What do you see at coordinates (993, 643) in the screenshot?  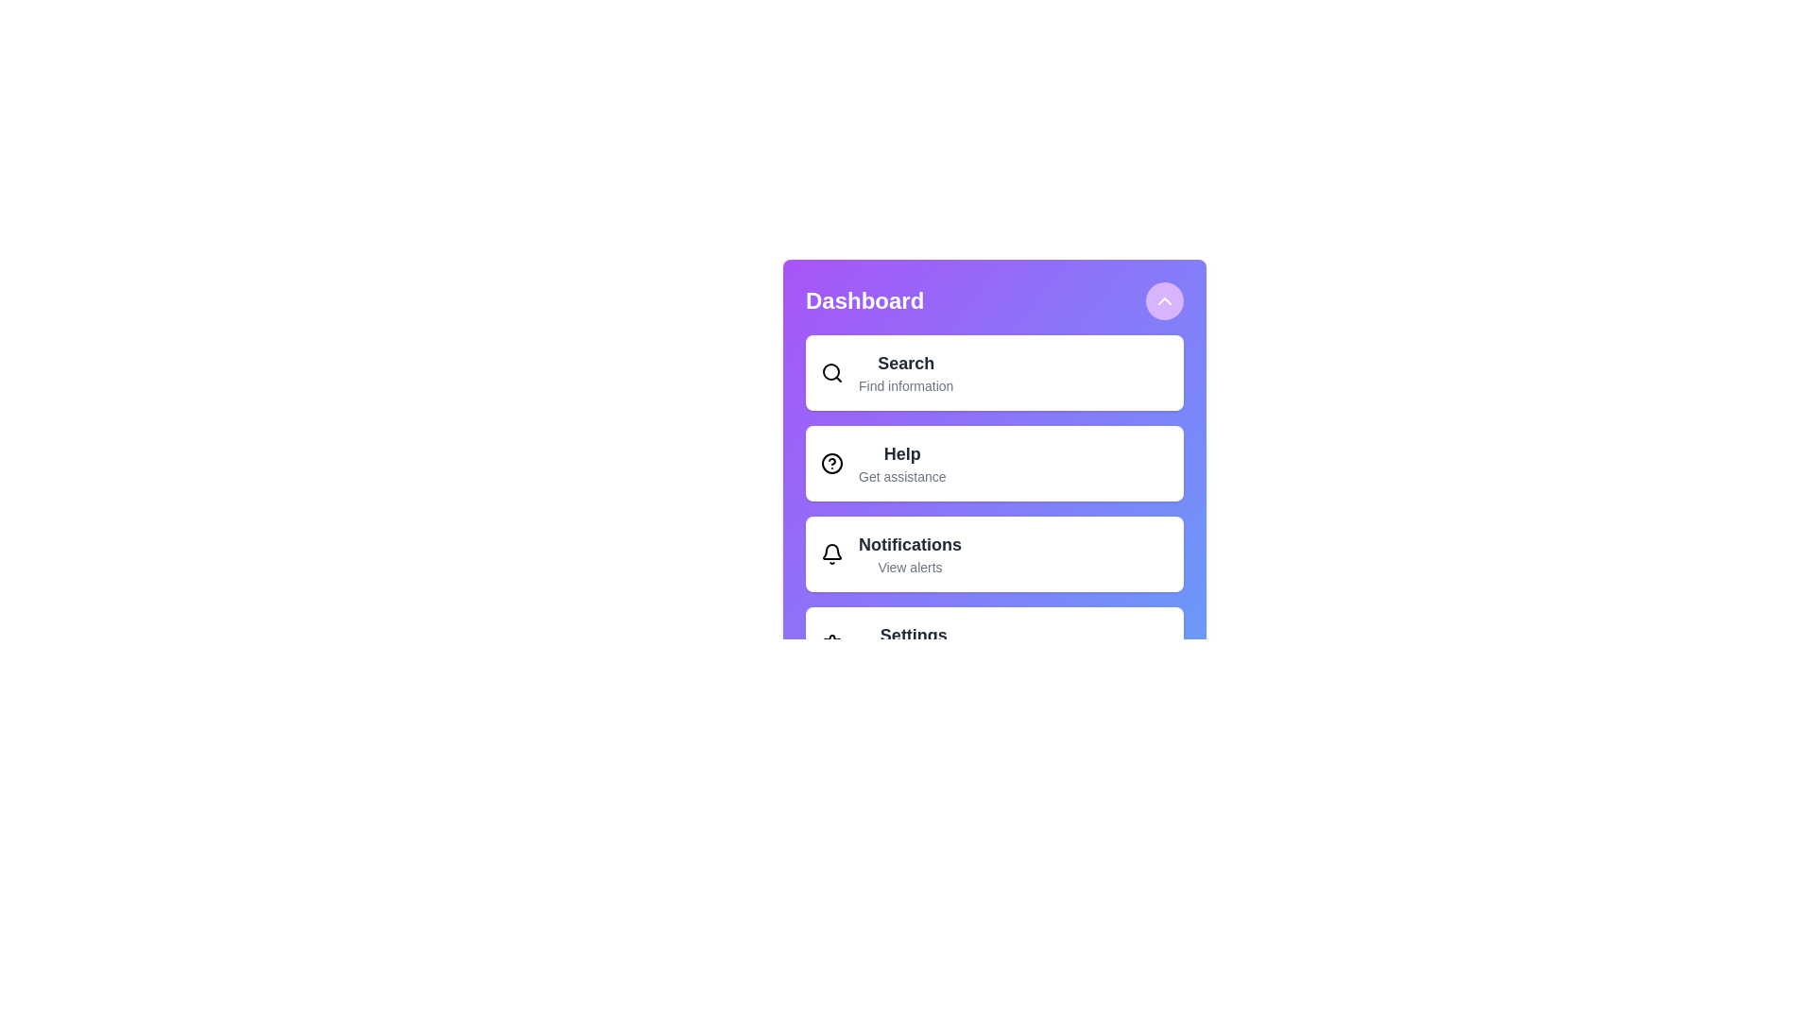 I see `the menu item labeled Settings to select it` at bounding box center [993, 643].